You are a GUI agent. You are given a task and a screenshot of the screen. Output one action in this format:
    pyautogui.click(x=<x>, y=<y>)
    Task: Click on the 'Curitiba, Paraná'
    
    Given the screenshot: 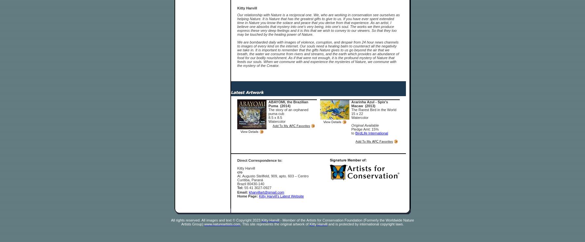 What is the action you would take?
    pyautogui.click(x=250, y=180)
    